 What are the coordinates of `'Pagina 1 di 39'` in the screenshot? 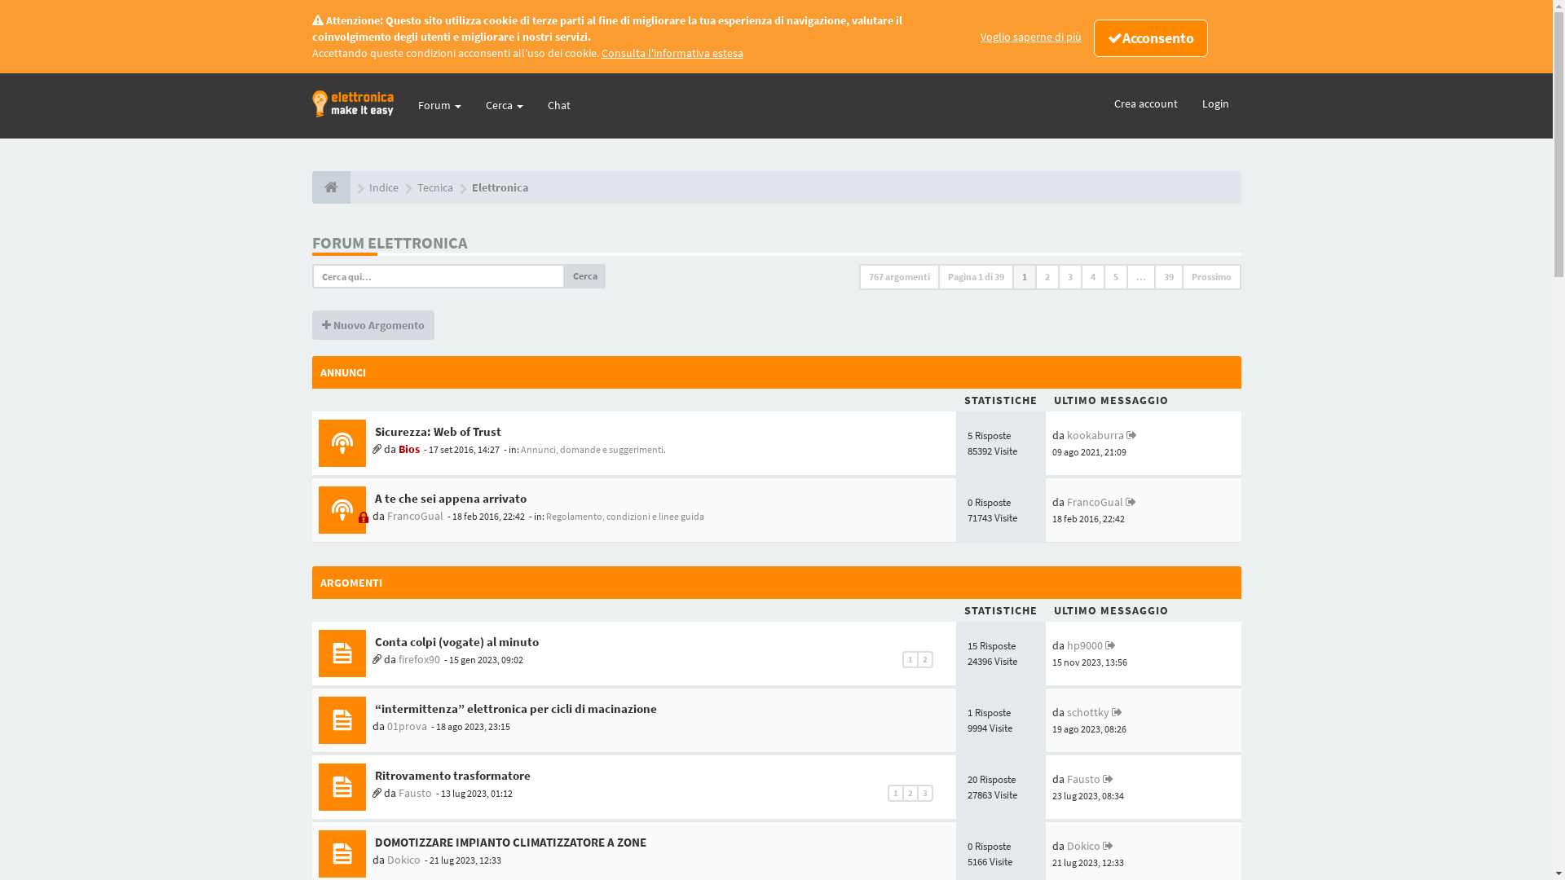 It's located at (975, 275).